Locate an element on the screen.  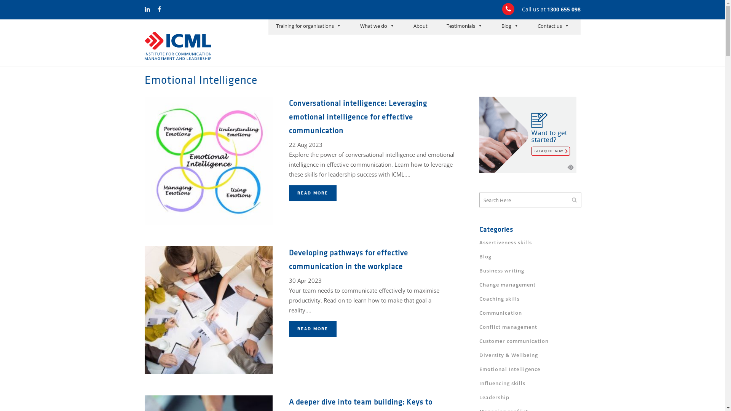
'Conflict management' is located at coordinates (479, 327).